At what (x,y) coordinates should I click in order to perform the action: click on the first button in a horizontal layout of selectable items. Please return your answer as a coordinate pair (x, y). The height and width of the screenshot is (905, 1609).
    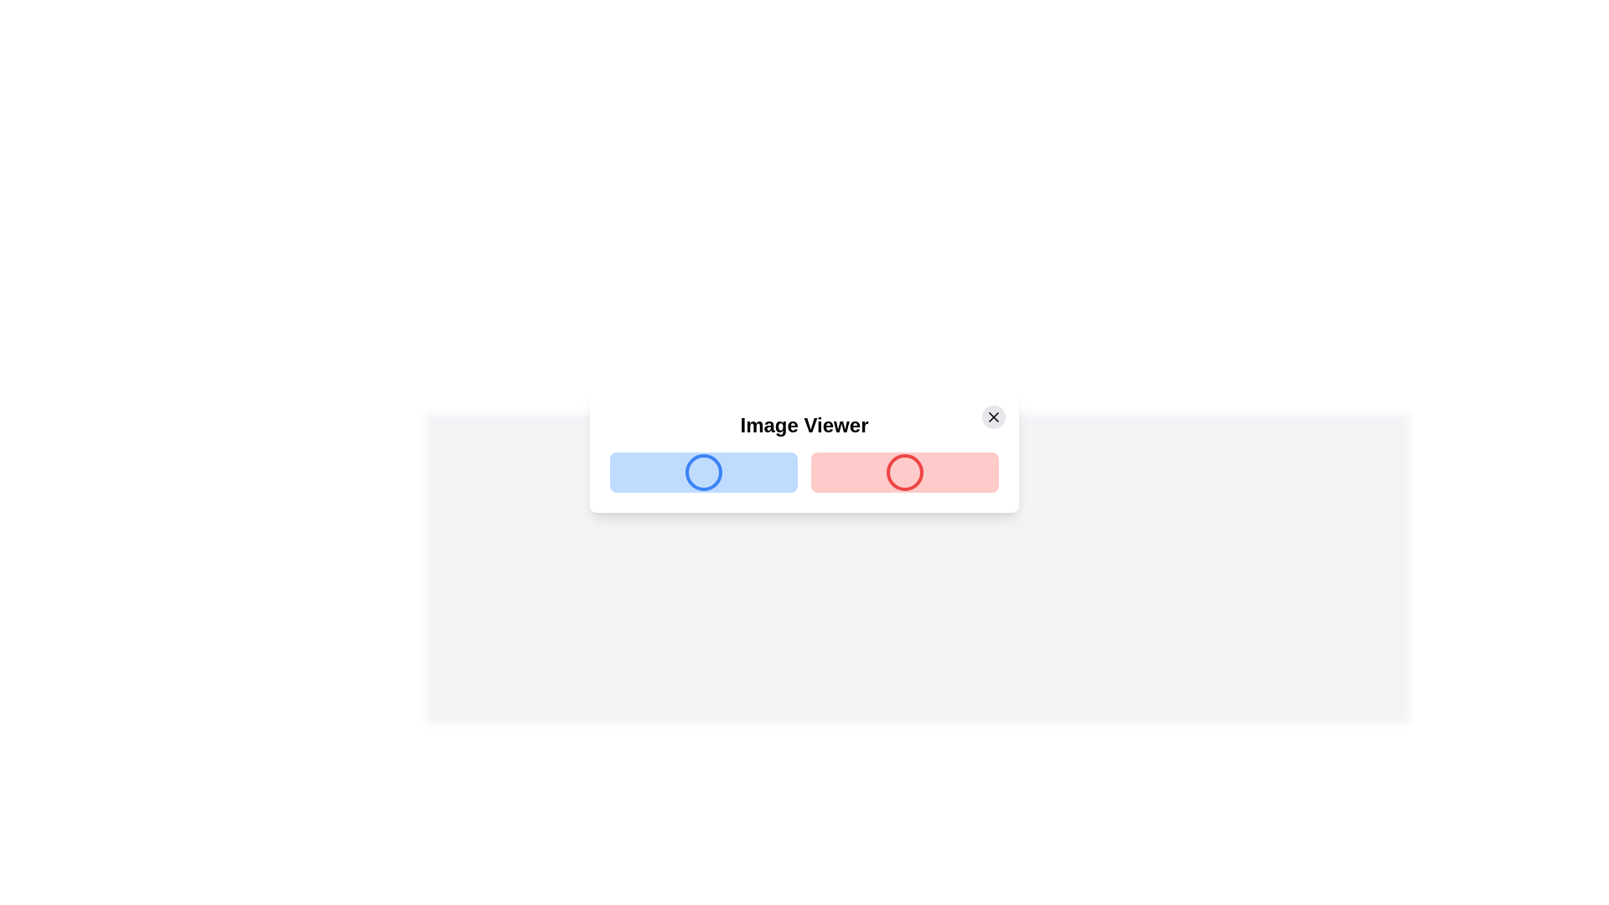
    Looking at the image, I should click on (704, 472).